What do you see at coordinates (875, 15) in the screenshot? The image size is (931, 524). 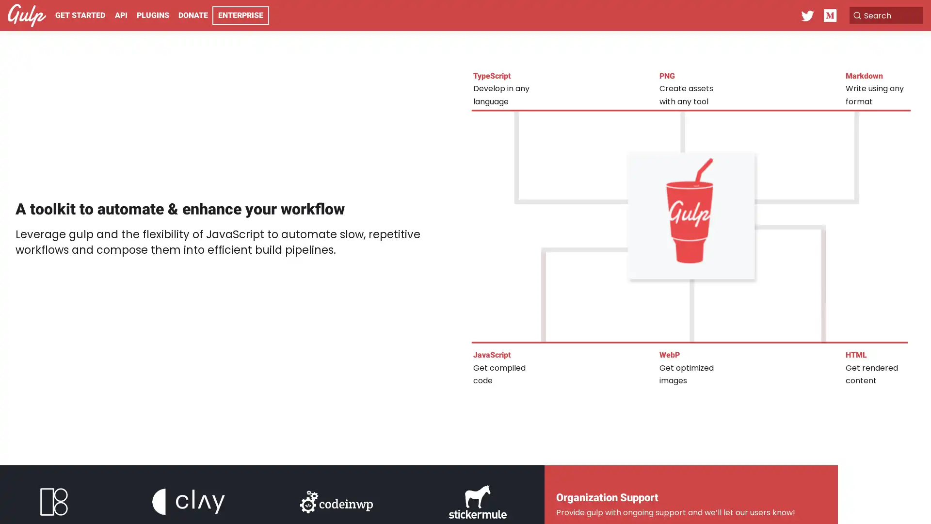 I see `Search` at bounding box center [875, 15].